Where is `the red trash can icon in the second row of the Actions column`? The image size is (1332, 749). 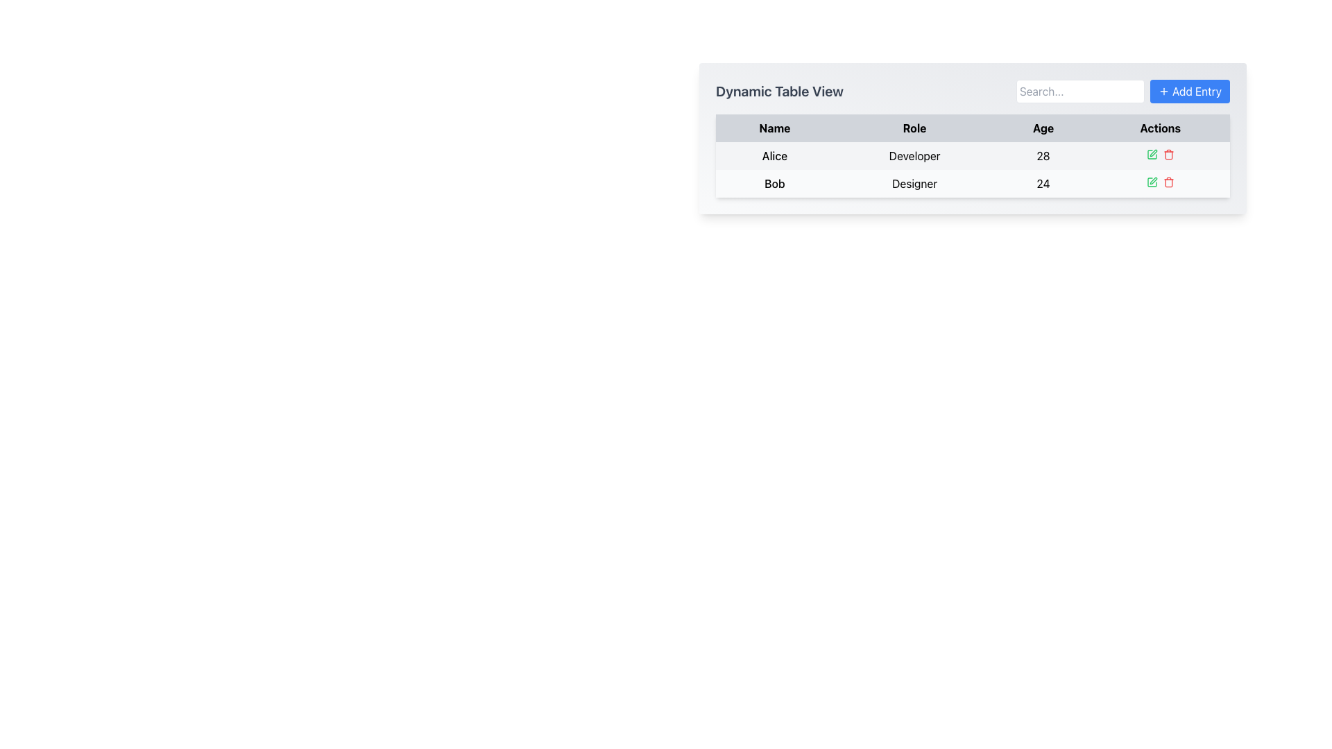 the red trash can icon in the second row of the Actions column is located at coordinates (1168, 181).